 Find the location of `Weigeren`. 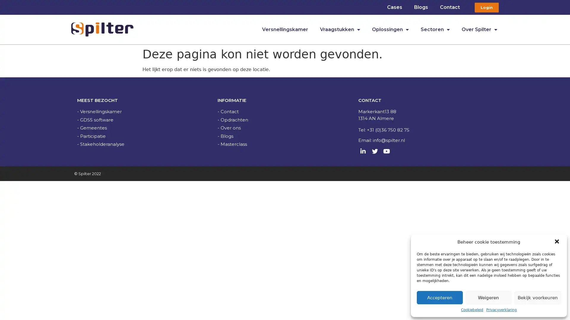

Weigeren is located at coordinates (488, 297).